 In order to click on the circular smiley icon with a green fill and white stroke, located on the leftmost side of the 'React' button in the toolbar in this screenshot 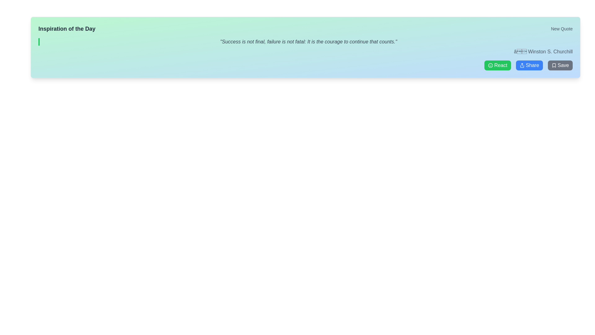, I will do `click(490, 65)`.